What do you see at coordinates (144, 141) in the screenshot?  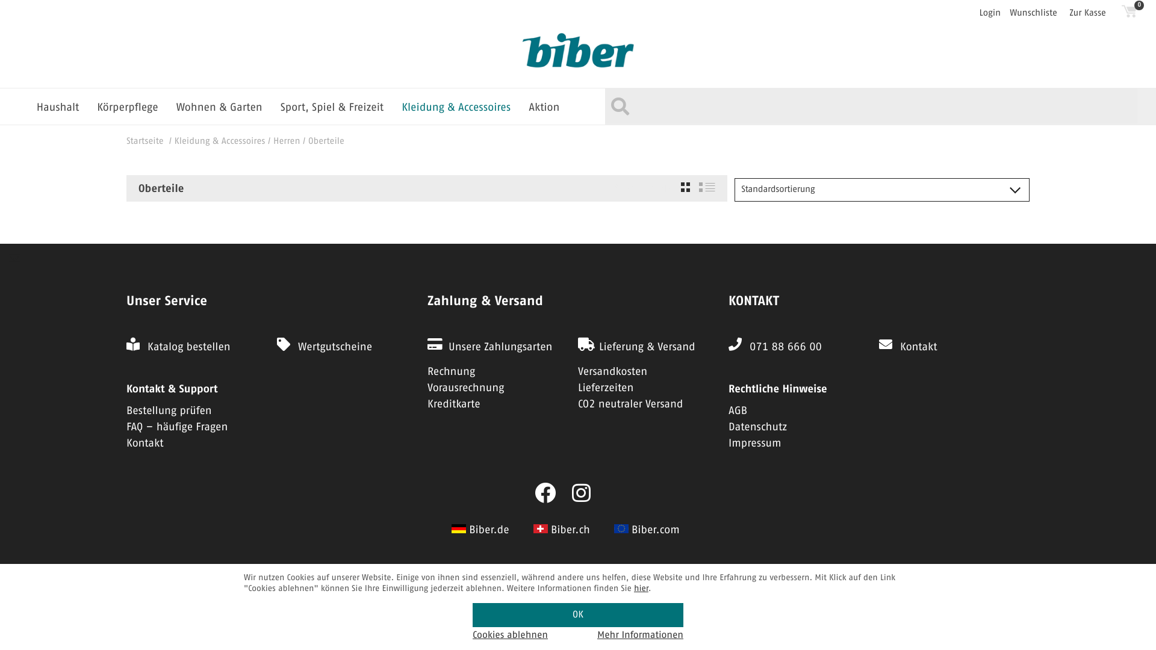 I see `'Startseite'` at bounding box center [144, 141].